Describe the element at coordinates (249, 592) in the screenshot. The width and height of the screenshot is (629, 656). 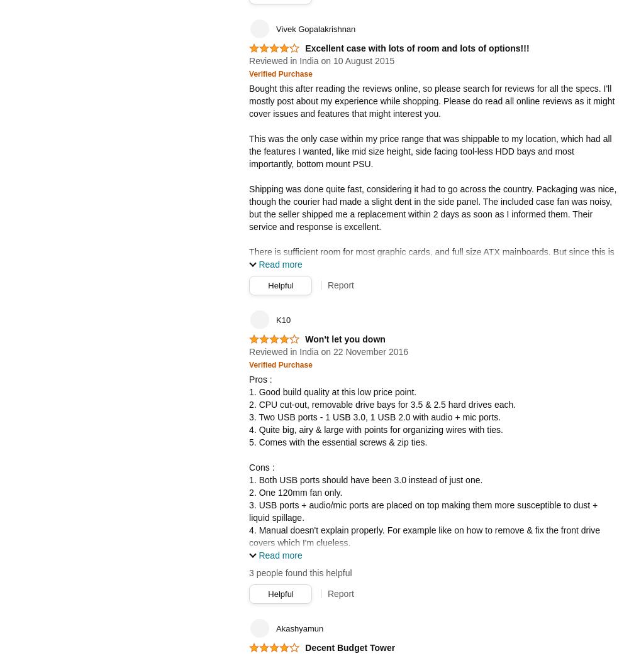
I see `'Conclusion :'` at that location.